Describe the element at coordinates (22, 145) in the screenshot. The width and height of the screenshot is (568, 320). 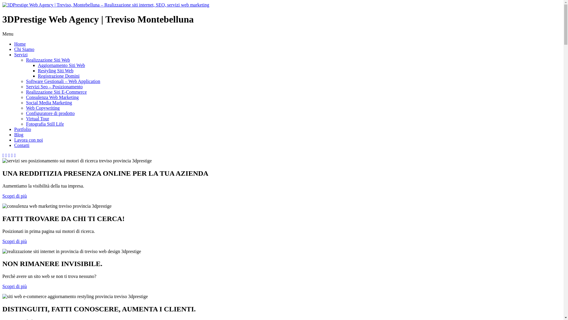
I see `'Contatti'` at that location.